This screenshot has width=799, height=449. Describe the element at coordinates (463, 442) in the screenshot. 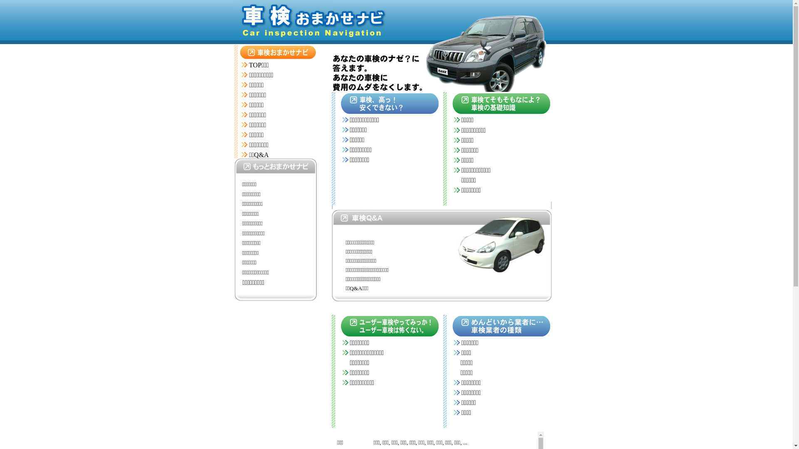

I see `'...'` at that location.